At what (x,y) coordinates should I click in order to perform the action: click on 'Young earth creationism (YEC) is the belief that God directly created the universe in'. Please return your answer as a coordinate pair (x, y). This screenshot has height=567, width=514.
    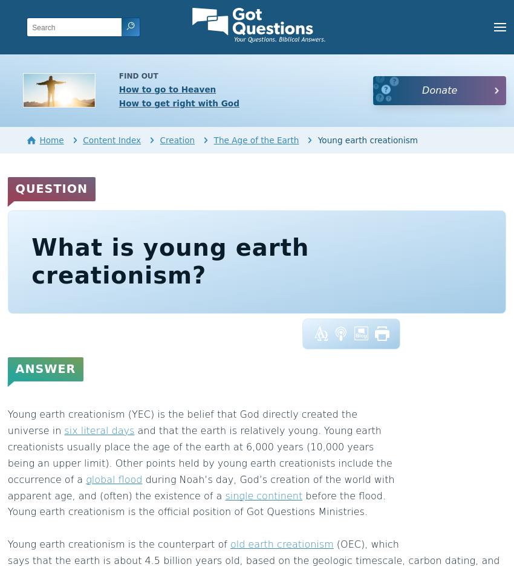
    Looking at the image, I should click on (182, 422).